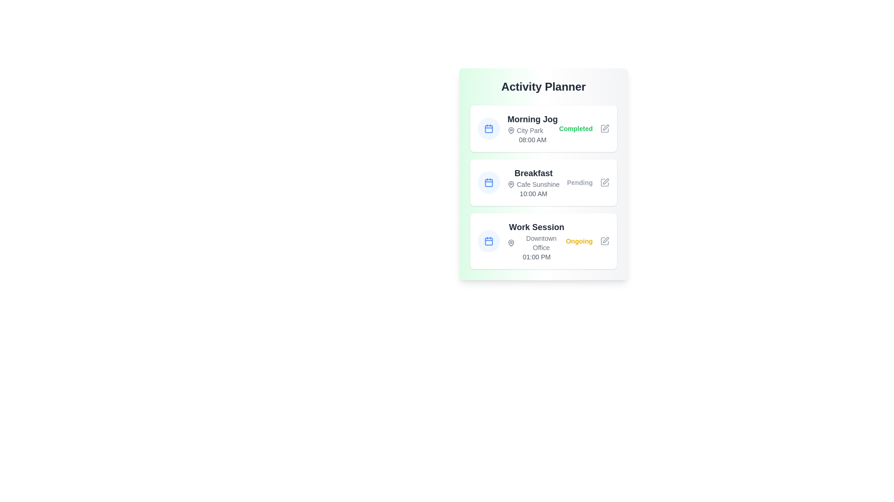 The width and height of the screenshot is (894, 502). I want to click on the calendar icon associated with the 'Work Session' activity located in the top-left portion of the third activity card under the 'Activity Planner' list, so click(488, 241).